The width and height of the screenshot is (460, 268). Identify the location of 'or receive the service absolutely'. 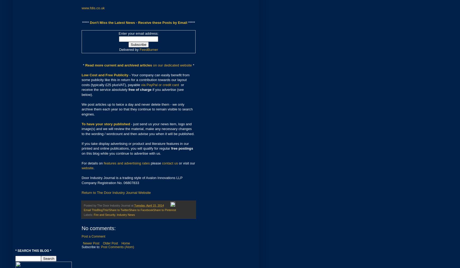
(133, 87).